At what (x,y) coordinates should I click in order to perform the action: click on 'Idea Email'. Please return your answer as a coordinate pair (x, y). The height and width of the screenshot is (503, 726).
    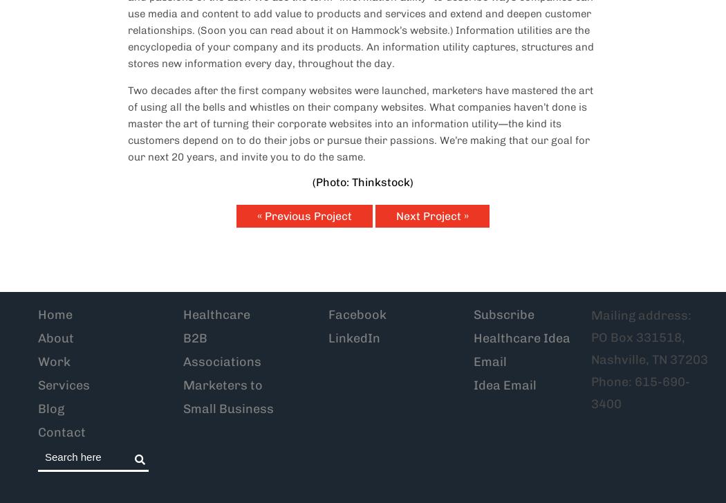
    Looking at the image, I should click on (504, 385).